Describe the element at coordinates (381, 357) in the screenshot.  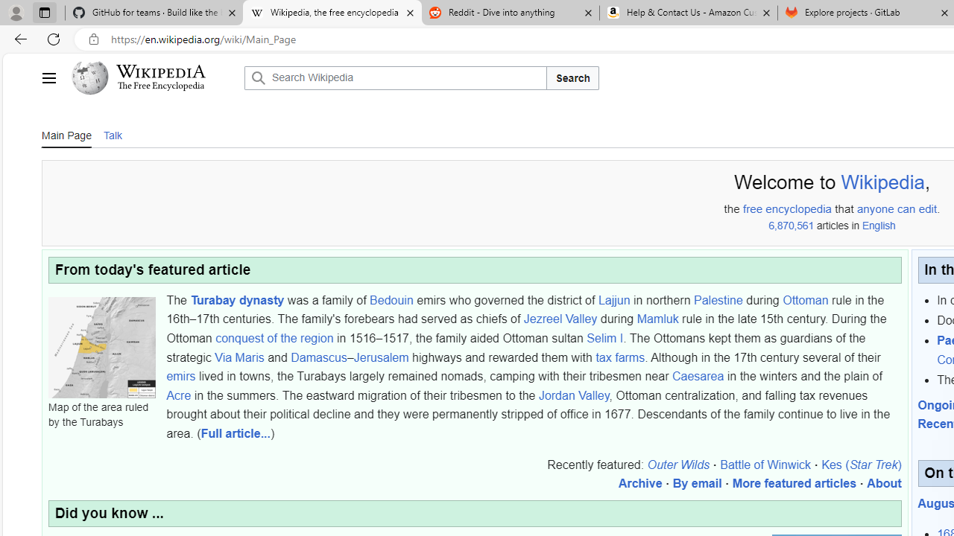
I see `'Jerusalem'` at that location.